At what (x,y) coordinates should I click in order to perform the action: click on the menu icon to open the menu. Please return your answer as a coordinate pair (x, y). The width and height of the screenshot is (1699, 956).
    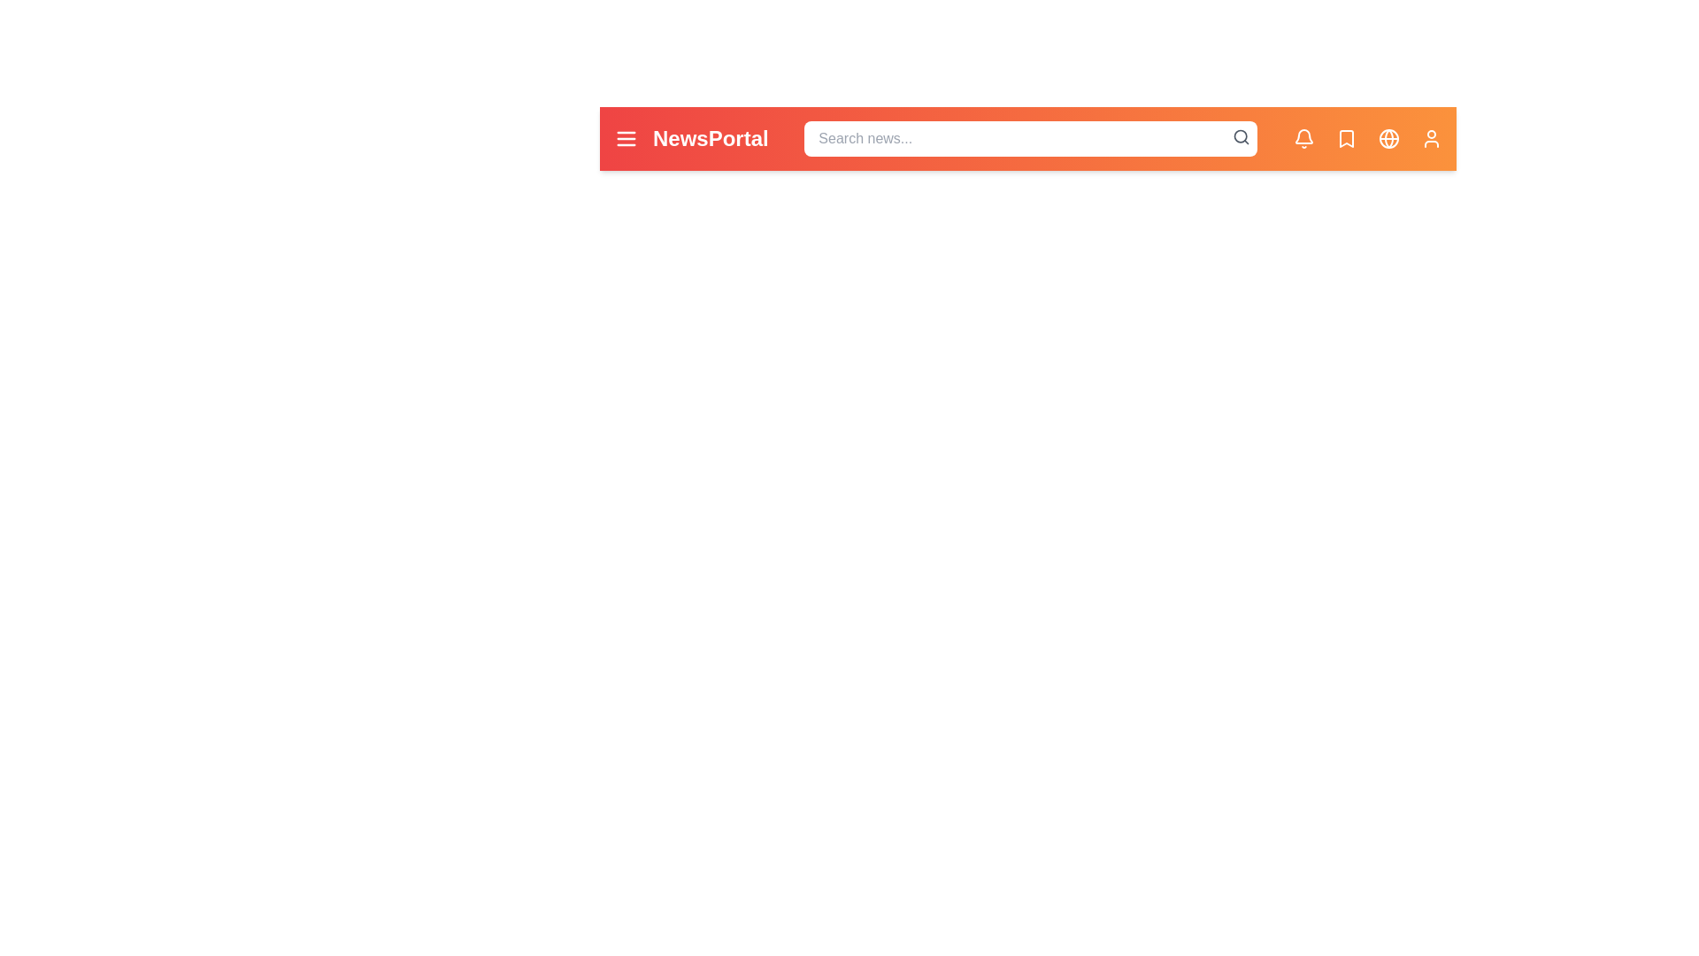
    Looking at the image, I should click on (627, 138).